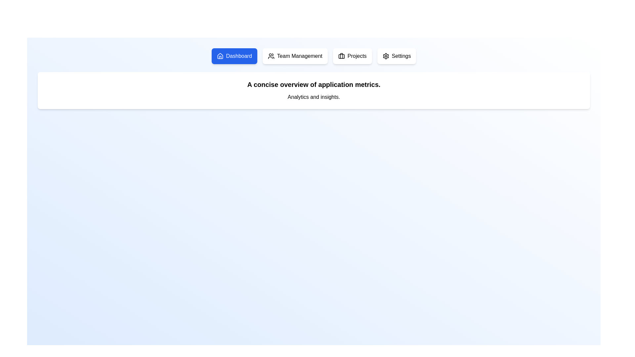 The height and width of the screenshot is (357, 635). What do you see at coordinates (314, 97) in the screenshot?
I see `text 'Analytics and insights.' which is styled plainly and smaller compared to the title above it, located below the header 'A concise overview of application metrics.'` at bounding box center [314, 97].